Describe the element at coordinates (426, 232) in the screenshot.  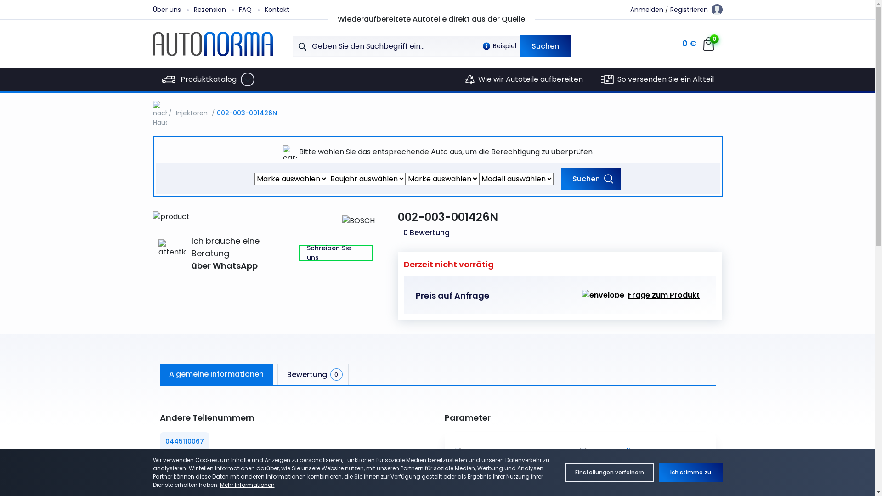
I see `'0 Bewertung'` at that location.